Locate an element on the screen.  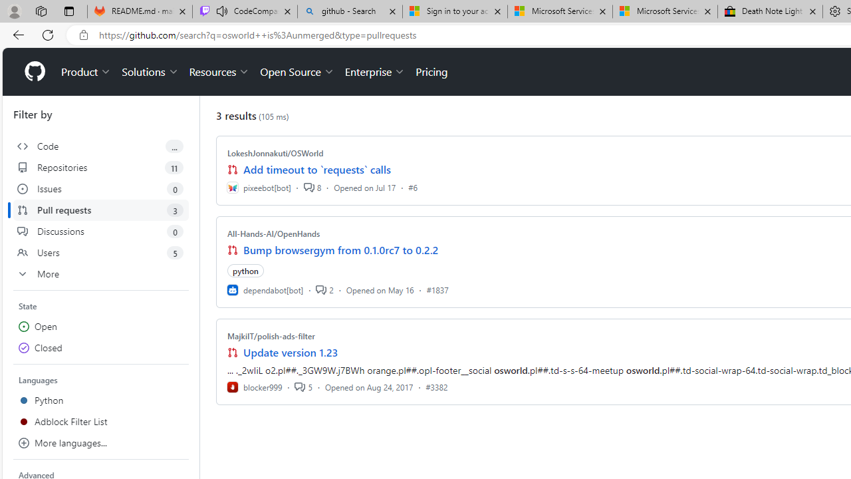
'MajkiIT/polish-ads-filter' is located at coordinates (270, 335).